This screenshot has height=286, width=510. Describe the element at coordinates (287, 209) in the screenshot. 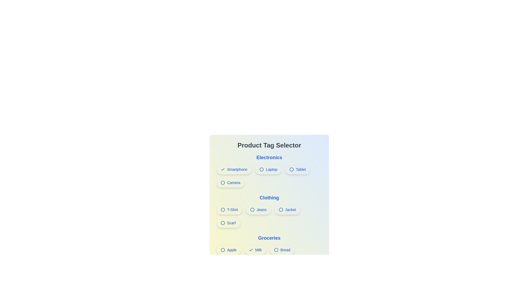

I see `the third selectable tag button labeled 'Jacket'` at that location.